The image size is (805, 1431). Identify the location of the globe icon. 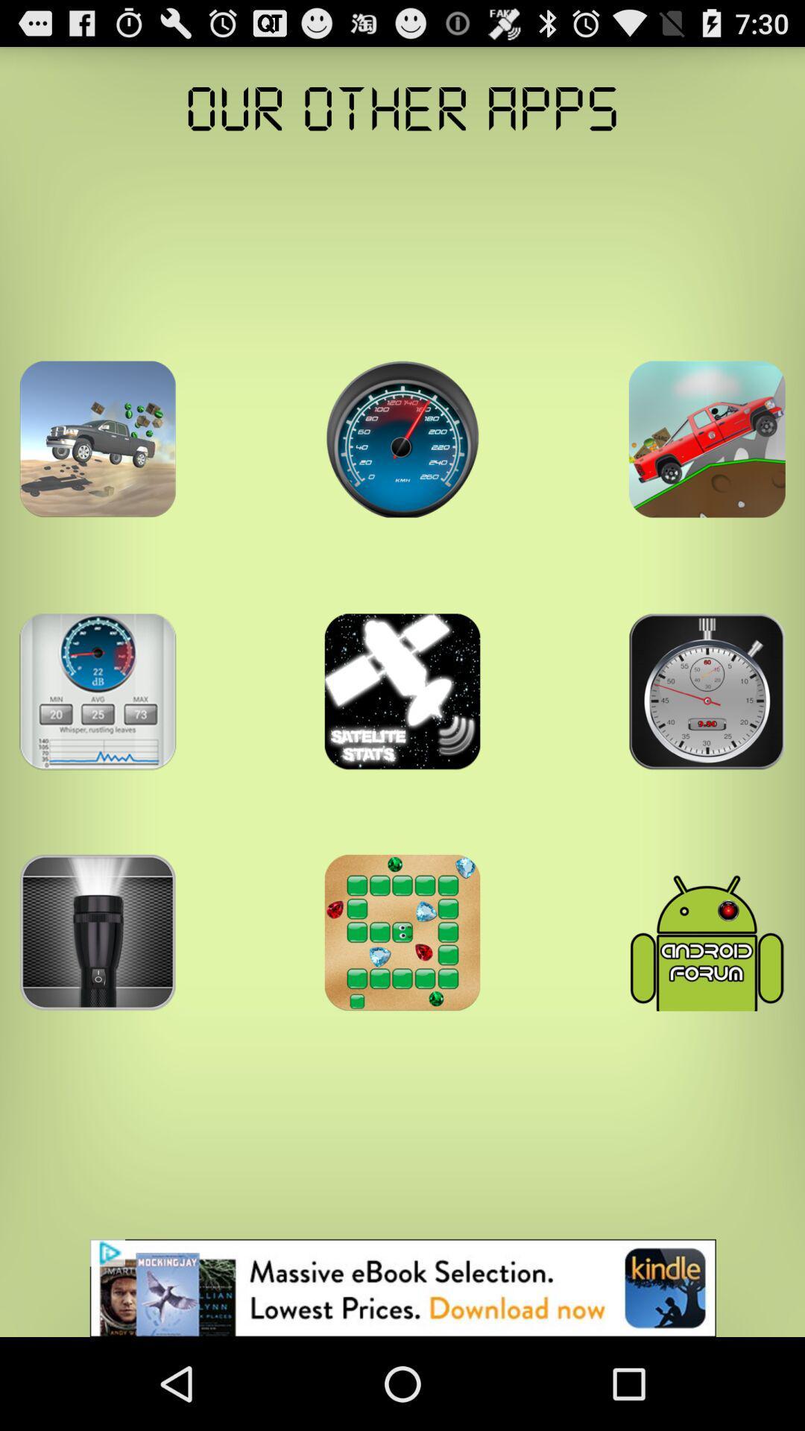
(402, 469).